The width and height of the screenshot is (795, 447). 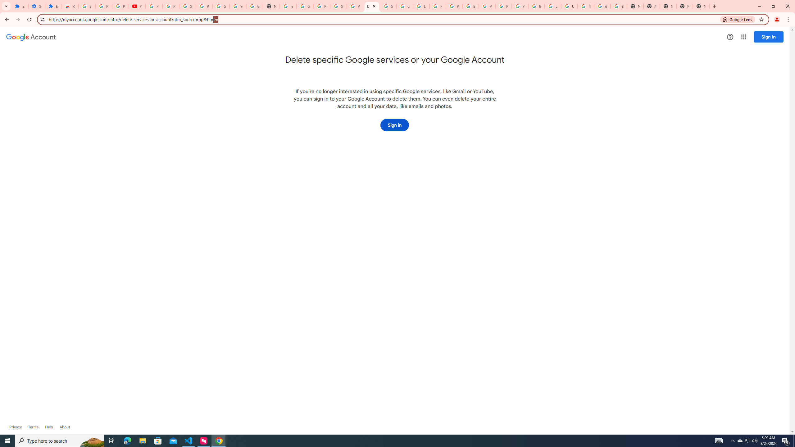 I want to click on 'Sign in - Google Accounts', so click(x=338, y=6).